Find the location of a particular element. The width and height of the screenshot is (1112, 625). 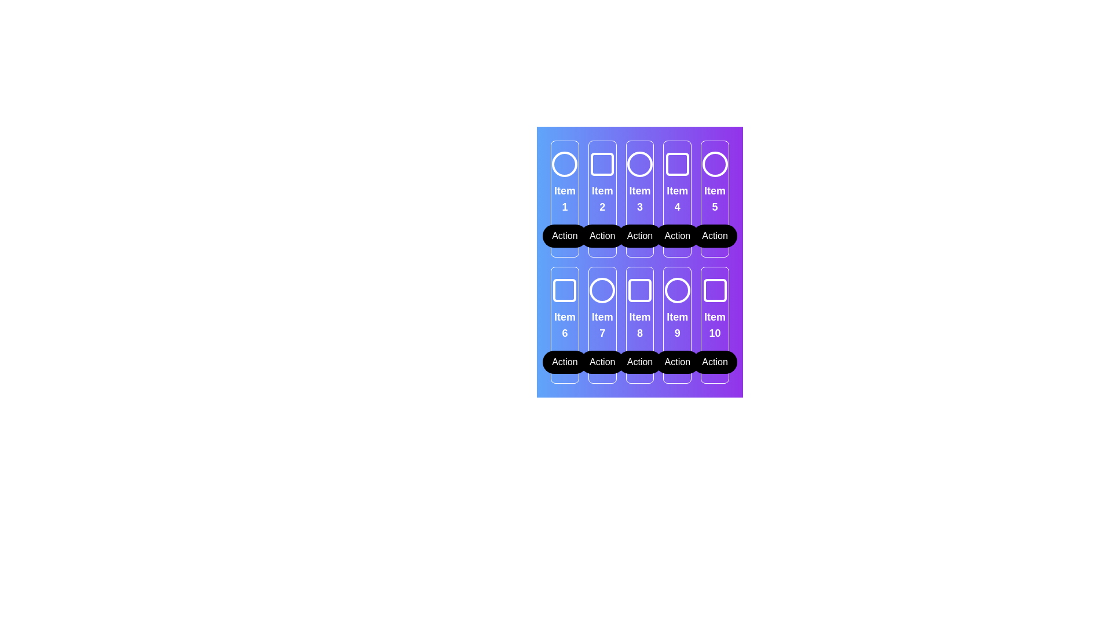

the button located below the 'Item 7' label to change its background color is located at coordinates (602, 361).